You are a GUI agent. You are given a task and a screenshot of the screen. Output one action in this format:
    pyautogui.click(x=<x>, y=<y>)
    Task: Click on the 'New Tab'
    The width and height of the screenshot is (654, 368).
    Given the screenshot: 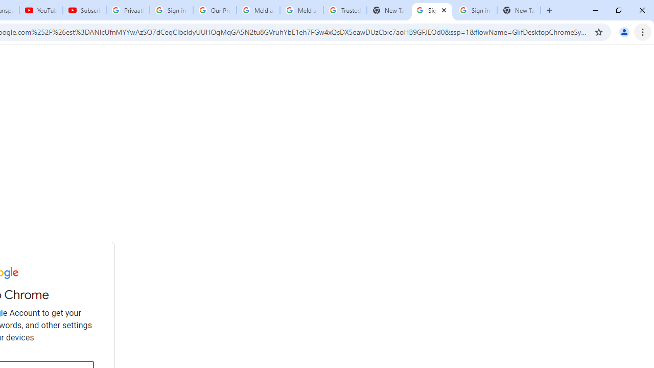 What is the action you would take?
    pyautogui.click(x=519, y=10)
    